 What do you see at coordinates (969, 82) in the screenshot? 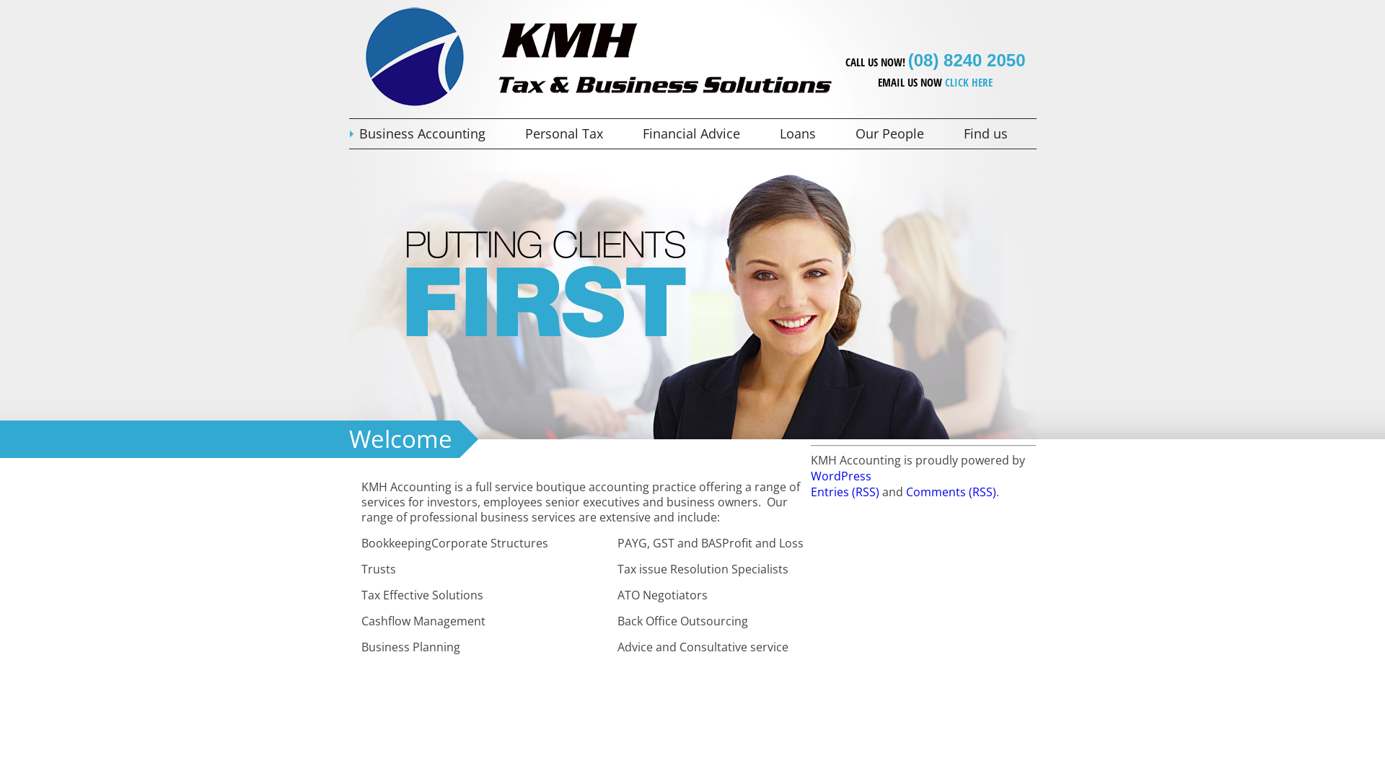
I see `'CLICK HERE'` at bounding box center [969, 82].